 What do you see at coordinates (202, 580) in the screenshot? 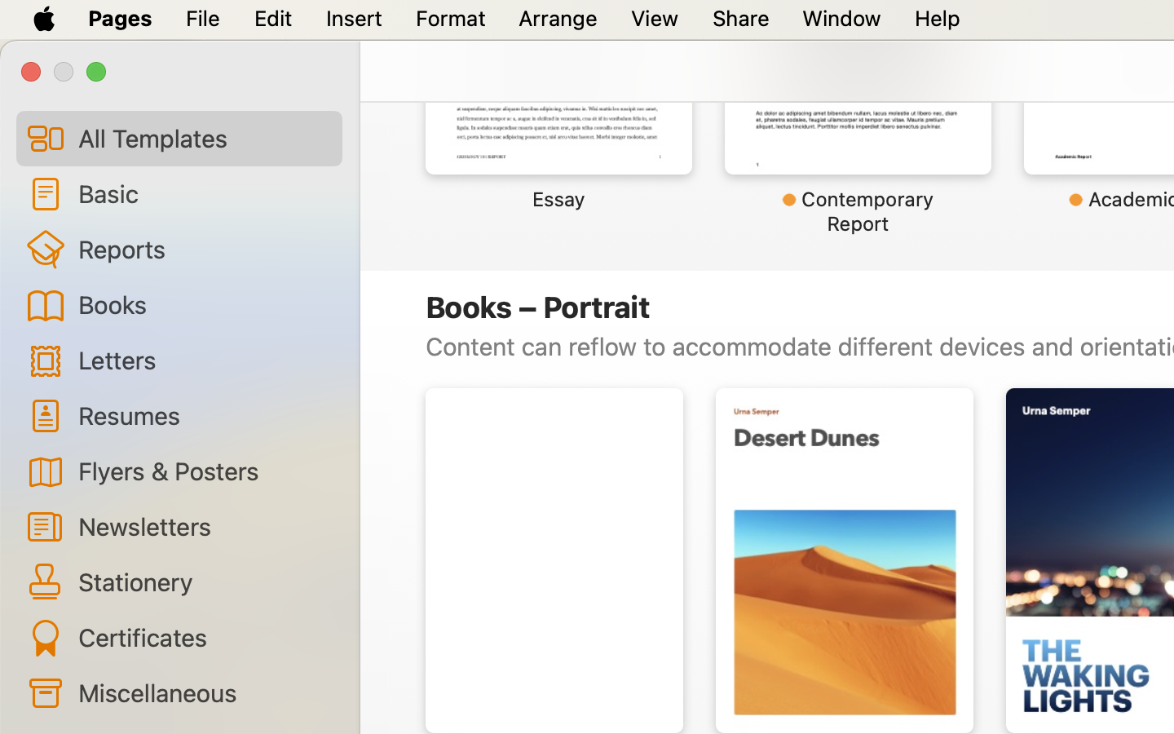
I see `'Stationery'` at bounding box center [202, 580].